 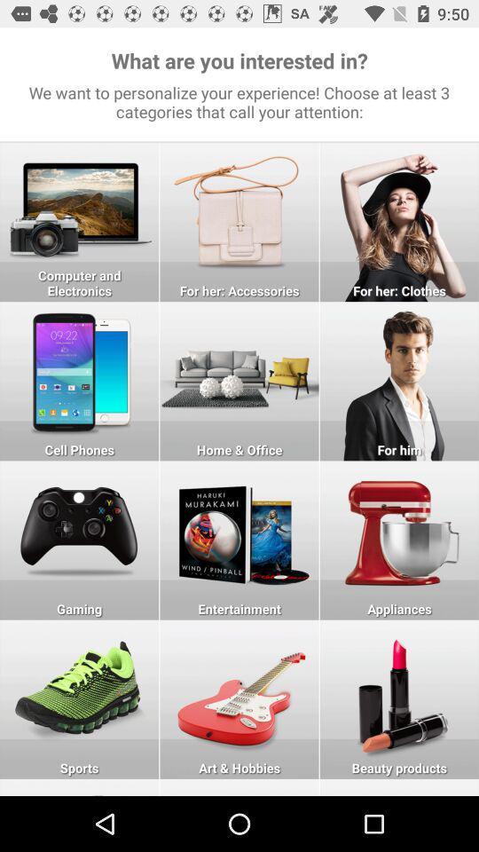 What do you see at coordinates (399, 381) in the screenshot?
I see `image for click` at bounding box center [399, 381].